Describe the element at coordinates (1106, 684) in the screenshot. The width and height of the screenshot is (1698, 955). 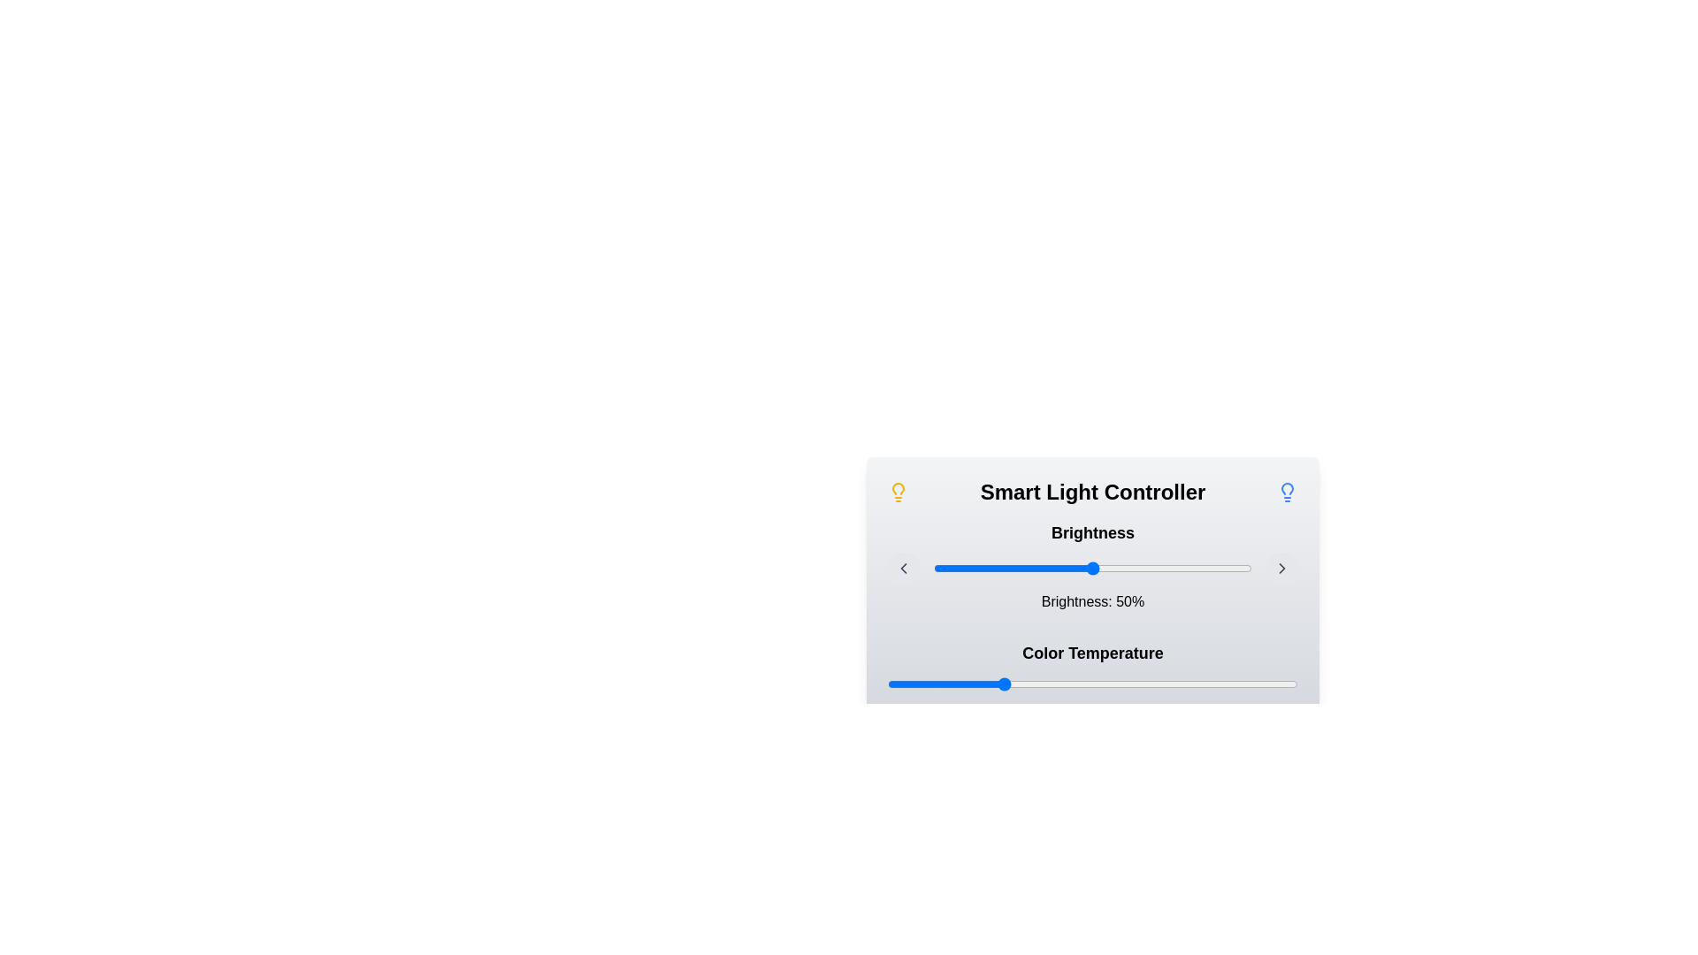
I see `color temperature` at that location.